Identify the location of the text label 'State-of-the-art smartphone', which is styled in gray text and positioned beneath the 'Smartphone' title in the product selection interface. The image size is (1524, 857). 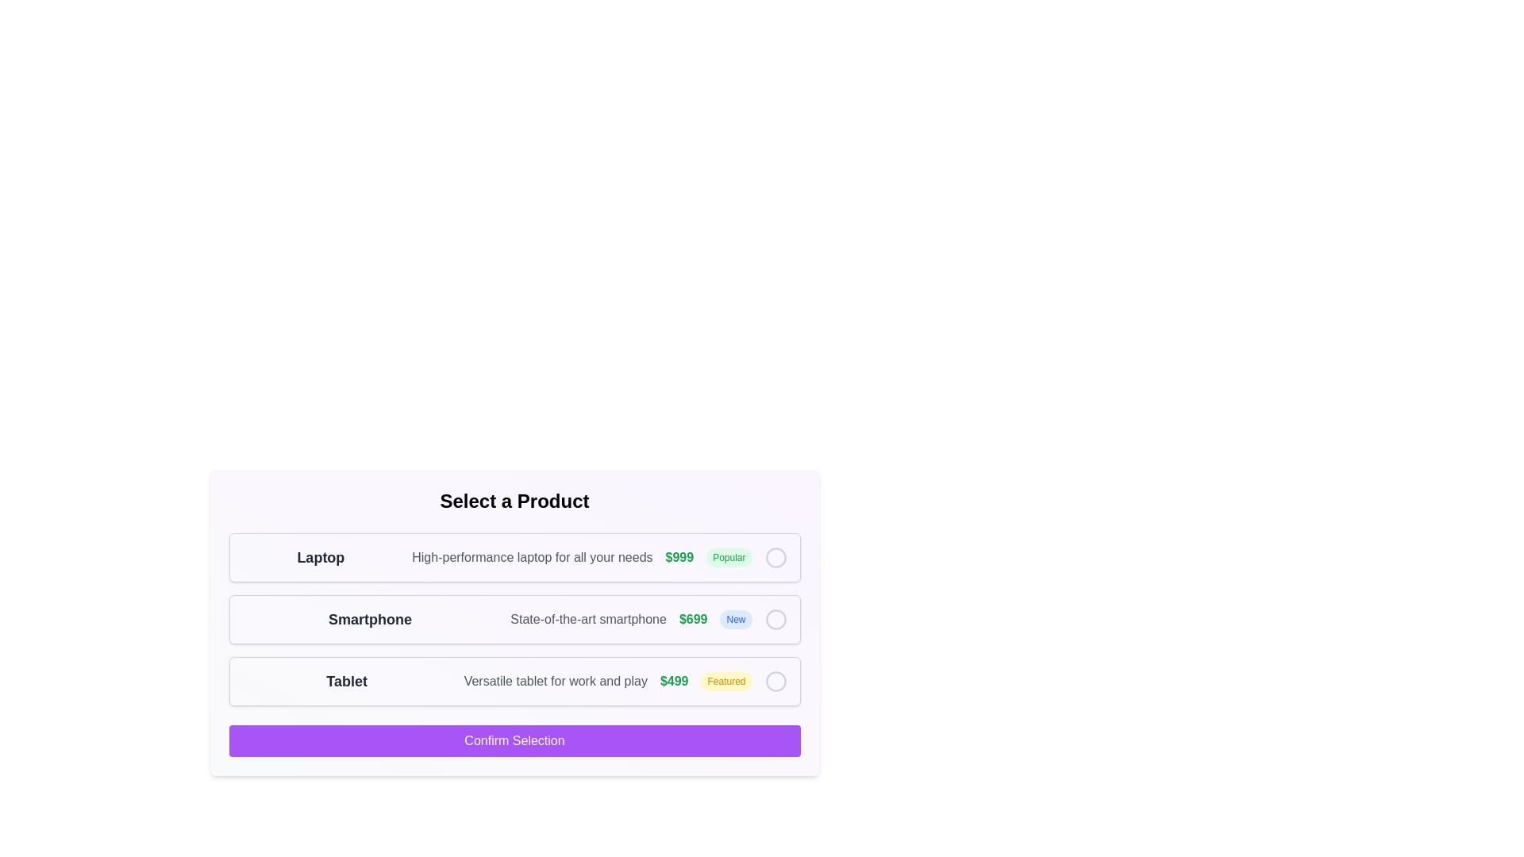
(587, 618).